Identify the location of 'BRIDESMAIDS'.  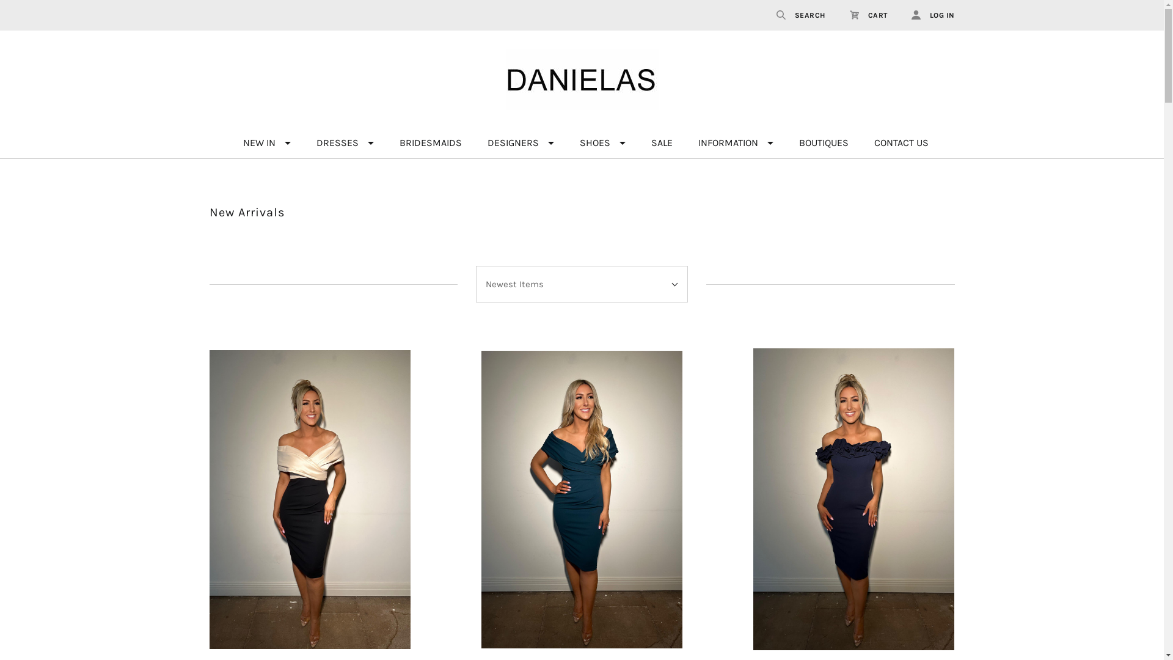
(389, 142).